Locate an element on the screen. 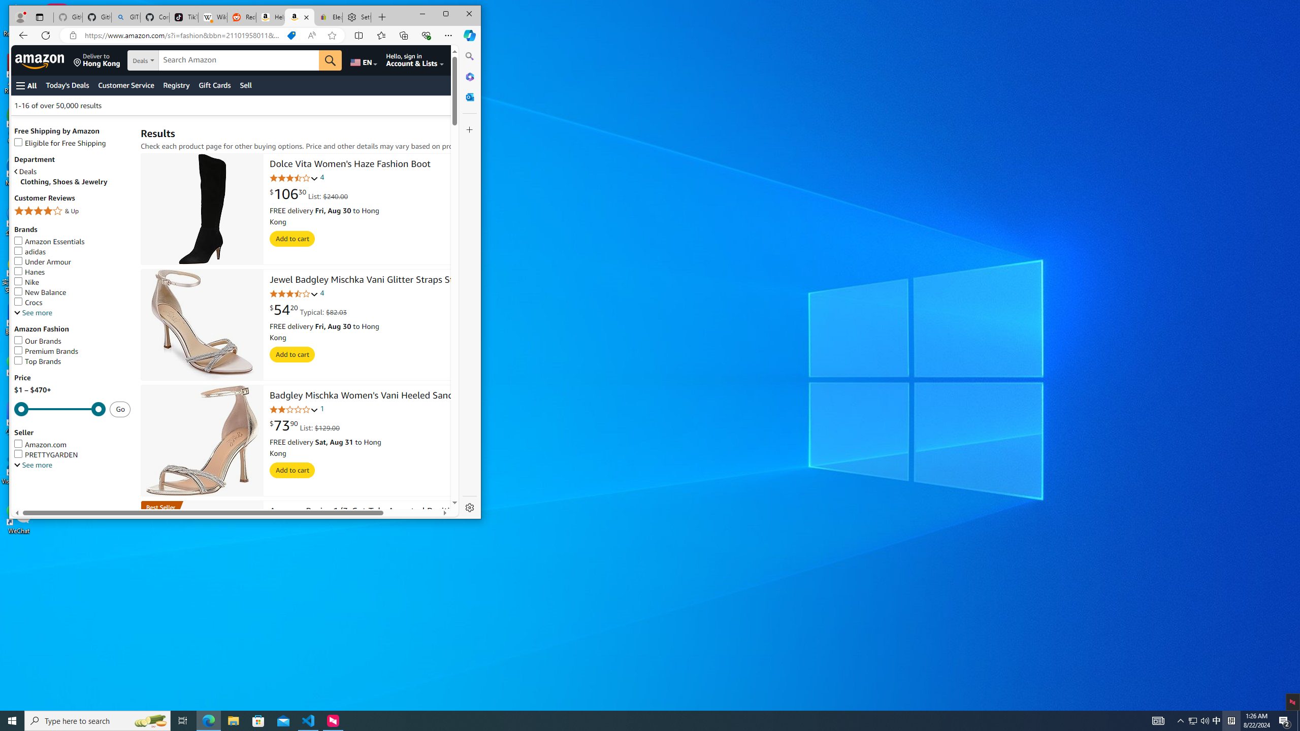 The image size is (1300, 731). 'Badgley Mischka Women' is located at coordinates (365, 396).